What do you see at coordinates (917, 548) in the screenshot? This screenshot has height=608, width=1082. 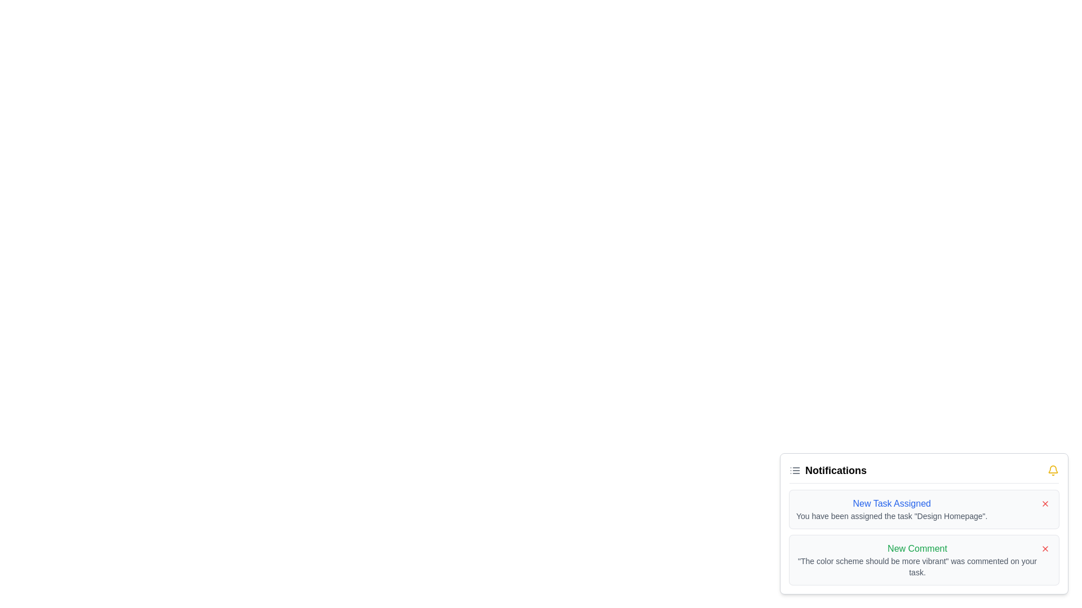 I see `the 'New Comment' text label, which is styled with a medium green font and positioned at the top of a notification box in the bottom-right corner` at bounding box center [917, 548].